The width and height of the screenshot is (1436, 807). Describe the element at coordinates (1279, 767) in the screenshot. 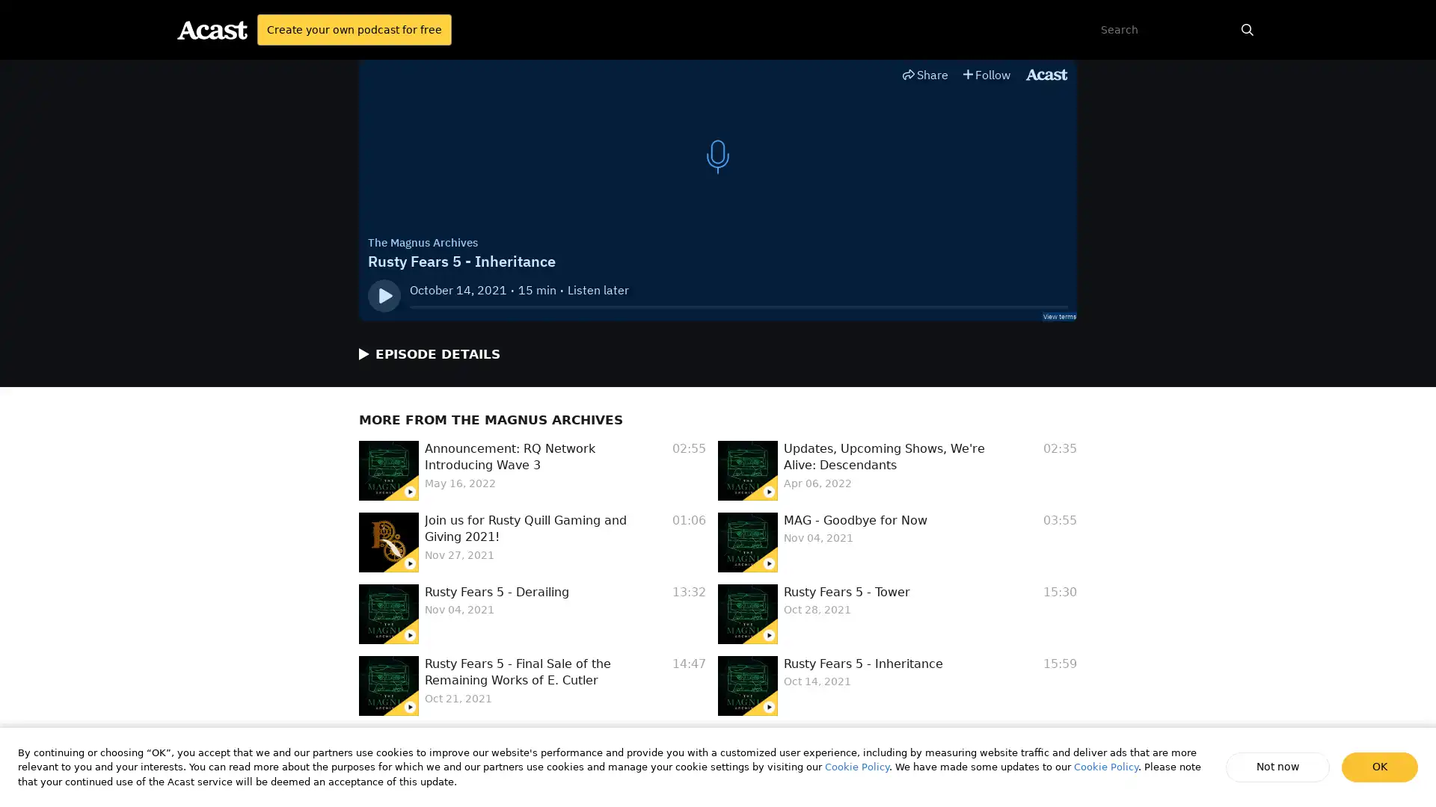

I see `Not now` at that location.